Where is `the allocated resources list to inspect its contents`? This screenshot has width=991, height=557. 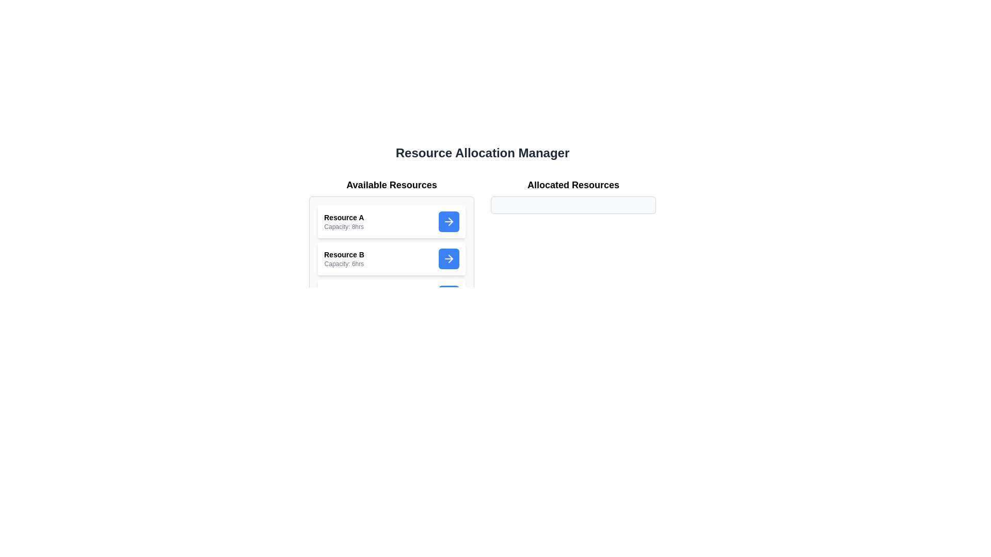 the allocated resources list to inspect its contents is located at coordinates (572, 205).